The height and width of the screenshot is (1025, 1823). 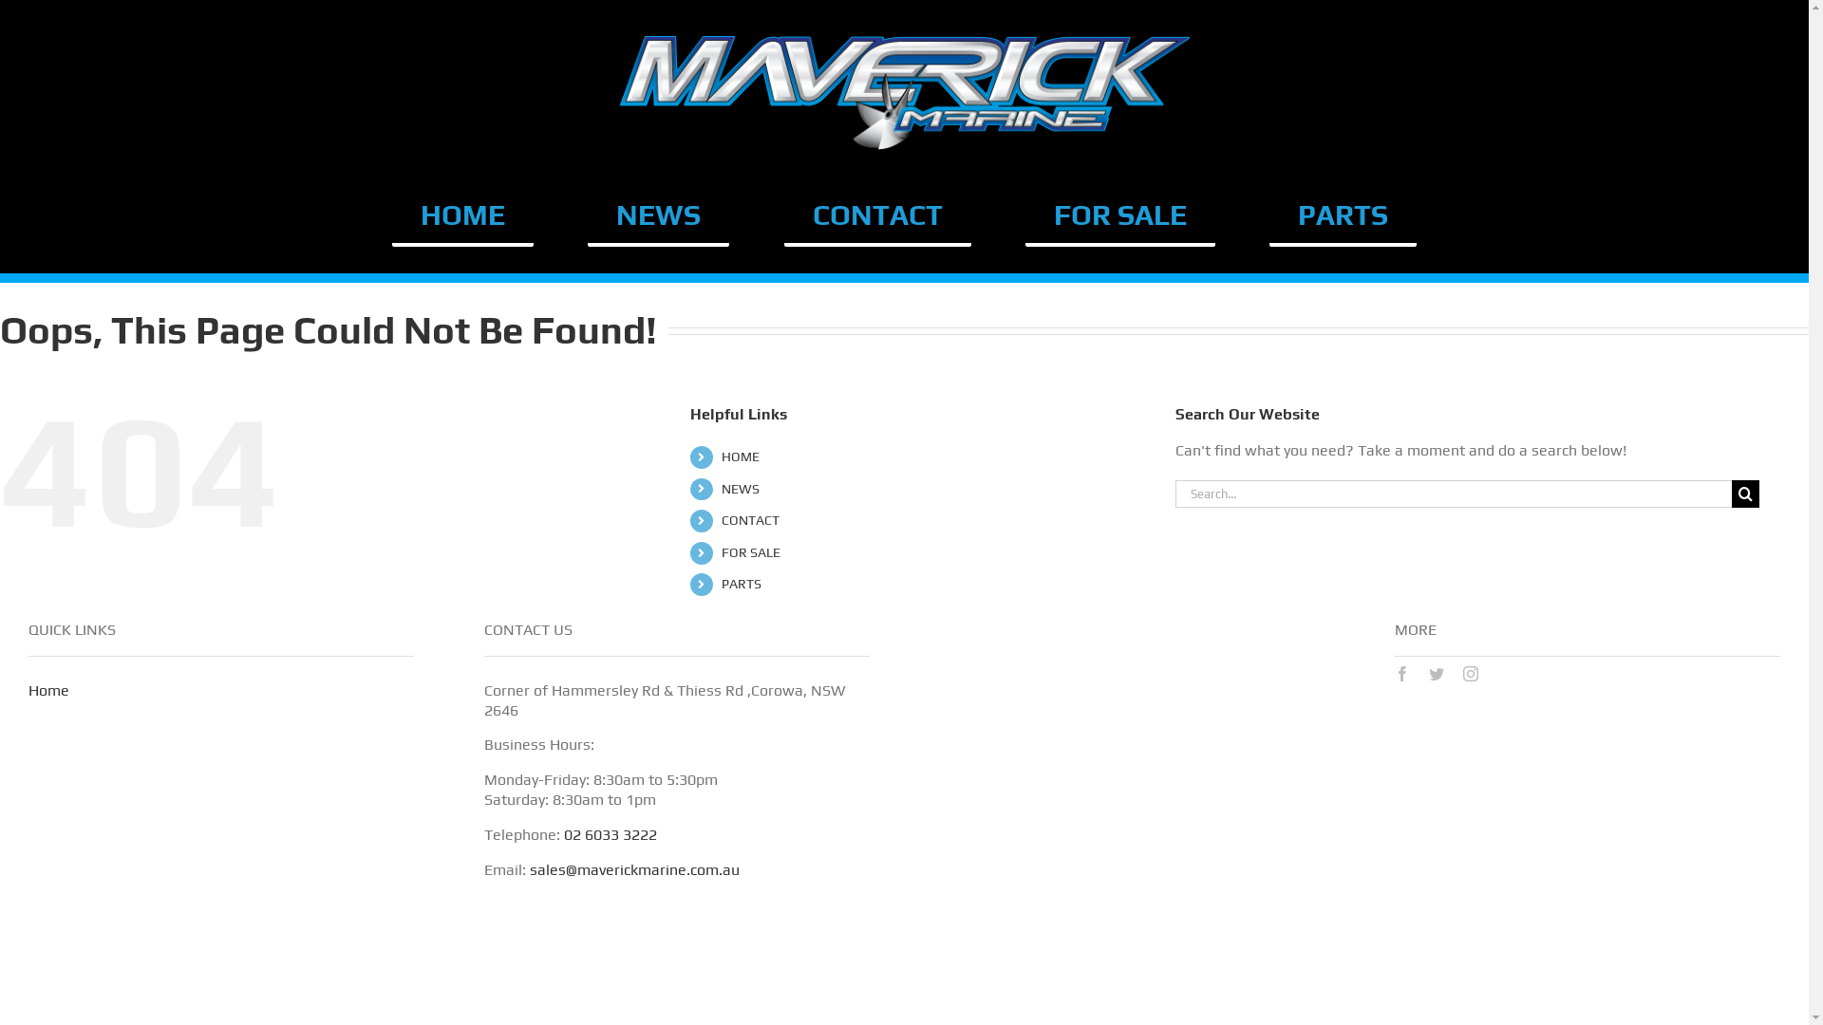 What do you see at coordinates (750, 552) in the screenshot?
I see `'FOR SALE'` at bounding box center [750, 552].